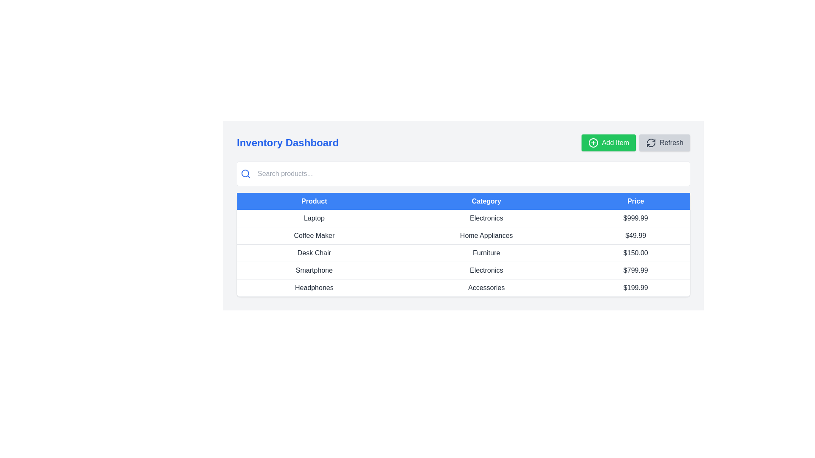 This screenshot has height=458, width=815. Describe the element at coordinates (486, 201) in the screenshot. I see `the 'Category' column header text label in the table, which is the second column header providing context for the data below` at that location.